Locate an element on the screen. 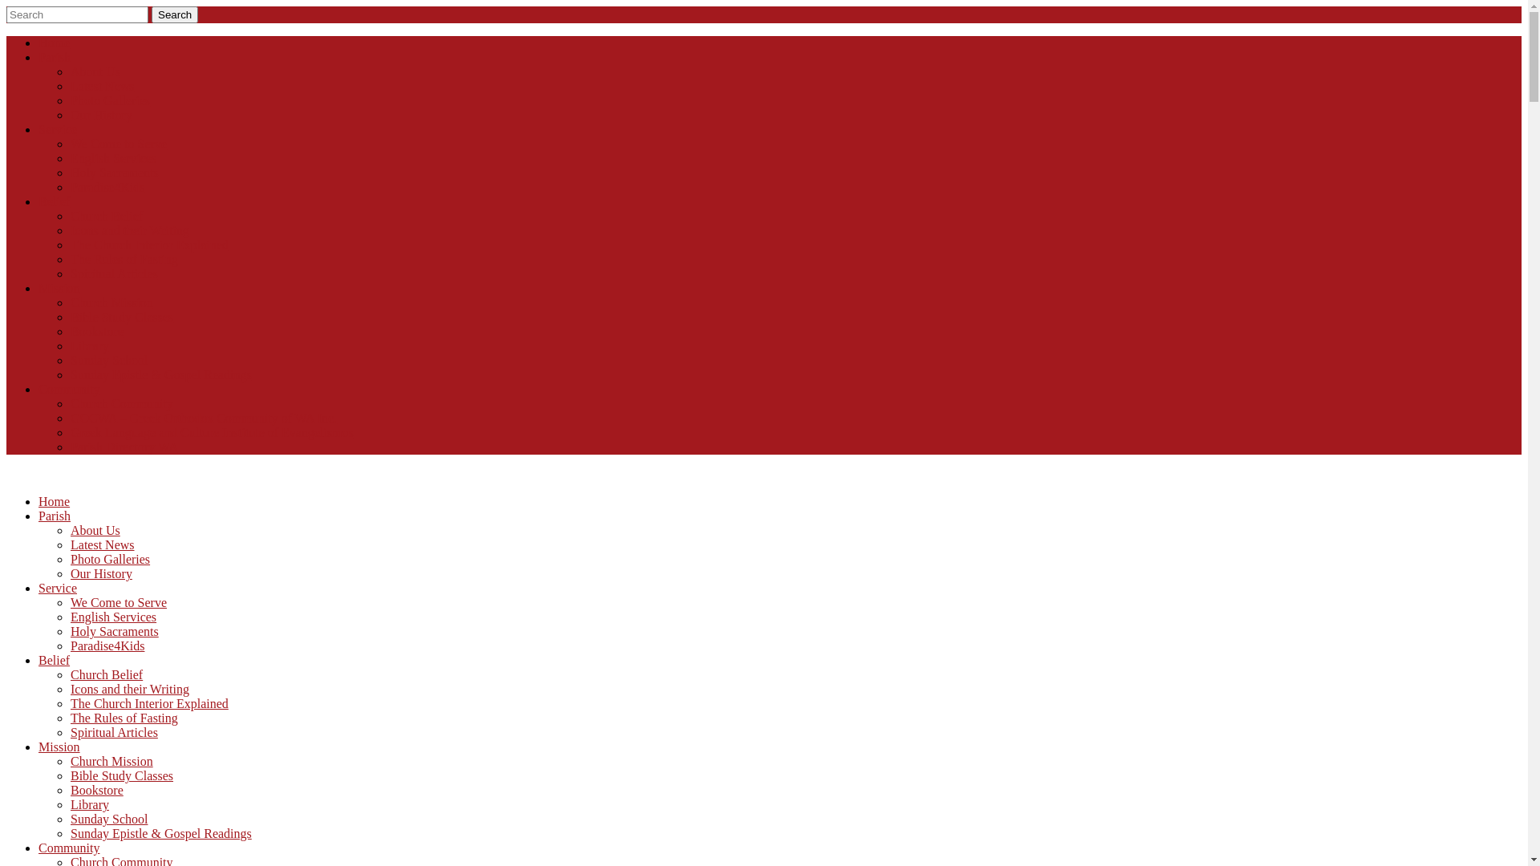 Image resolution: width=1540 pixels, height=866 pixels. 'Home' is located at coordinates (54, 42).